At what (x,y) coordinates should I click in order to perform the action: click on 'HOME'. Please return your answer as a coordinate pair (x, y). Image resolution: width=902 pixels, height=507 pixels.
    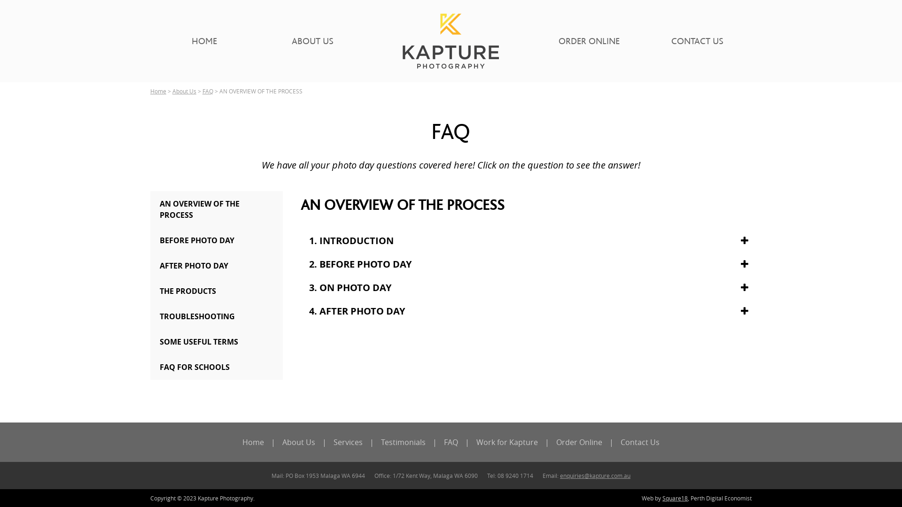
    Looking at the image, I should click on (204, 40).